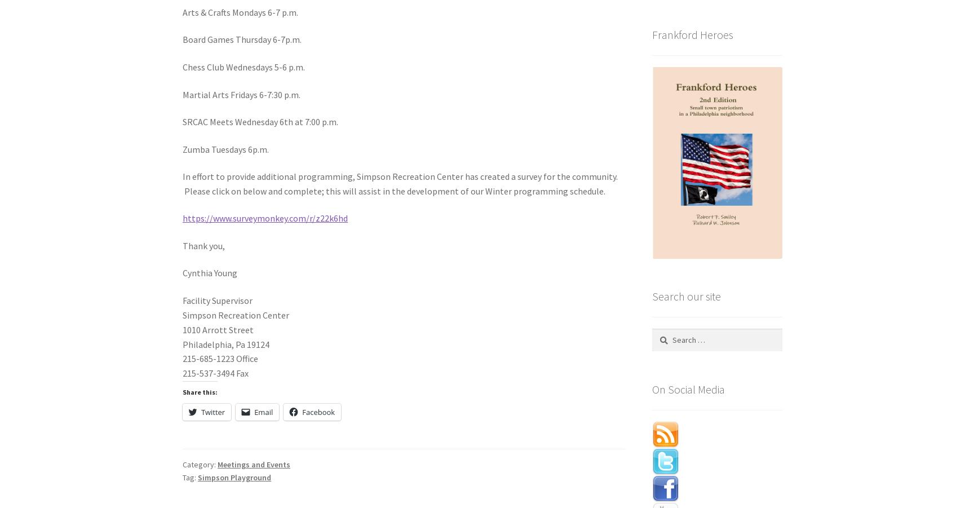  I want to click on 'https://www.surveymonkey.com/r/z22k6hd', so click(264, 217).